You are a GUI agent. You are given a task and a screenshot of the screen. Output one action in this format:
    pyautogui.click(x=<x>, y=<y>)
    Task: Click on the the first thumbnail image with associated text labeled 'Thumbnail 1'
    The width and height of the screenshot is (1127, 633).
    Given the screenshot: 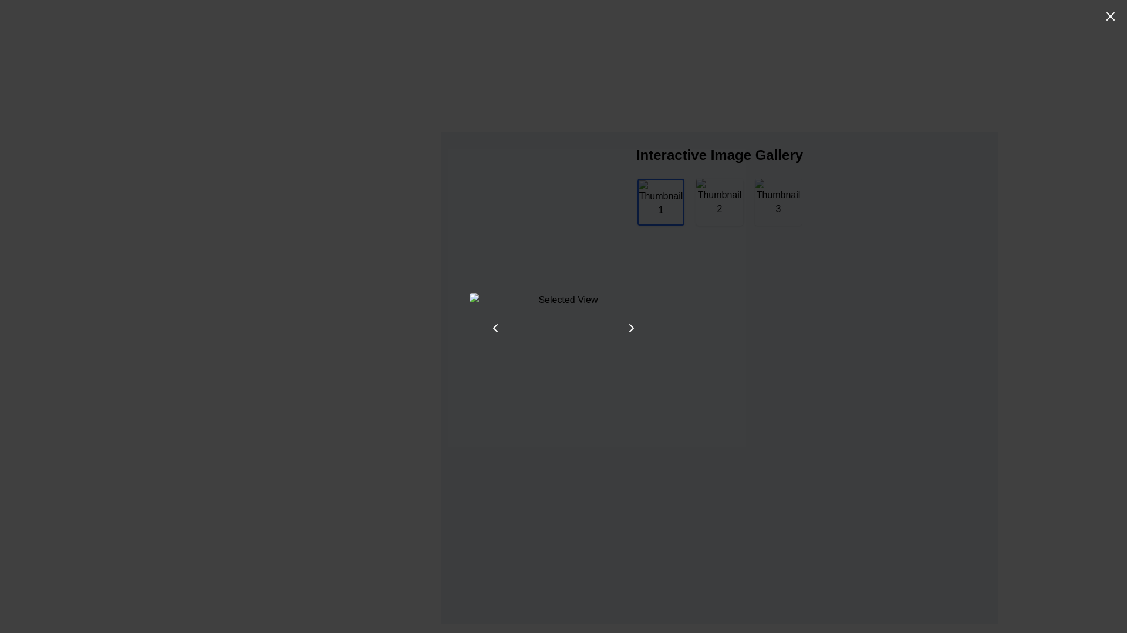 What is the action you would take?
    pyautogui.click(x=661, y=201)
    